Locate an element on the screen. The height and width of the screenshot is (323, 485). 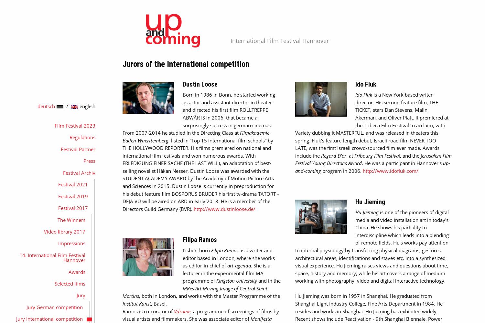
'Festival 2017' is located at coordinates (73, 208).